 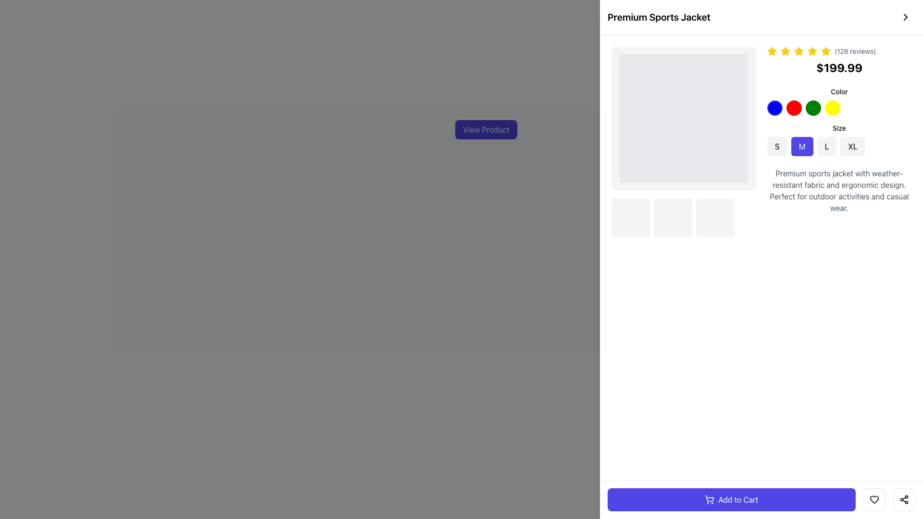 What do you see at coordinates (839, 67) in the screenshot?
I see `price information displayed in the text label located below the star ratings and review count in the product details area` at bounding box center [839, 67].